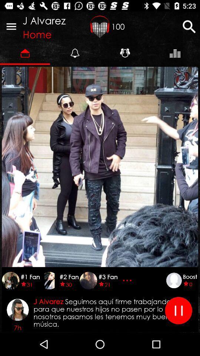 Image resolution: width=200 pixels, height=356 pixels. Describe the element at coordinates (178, 310) in the screenshot. I see `the pause icon` at that location.